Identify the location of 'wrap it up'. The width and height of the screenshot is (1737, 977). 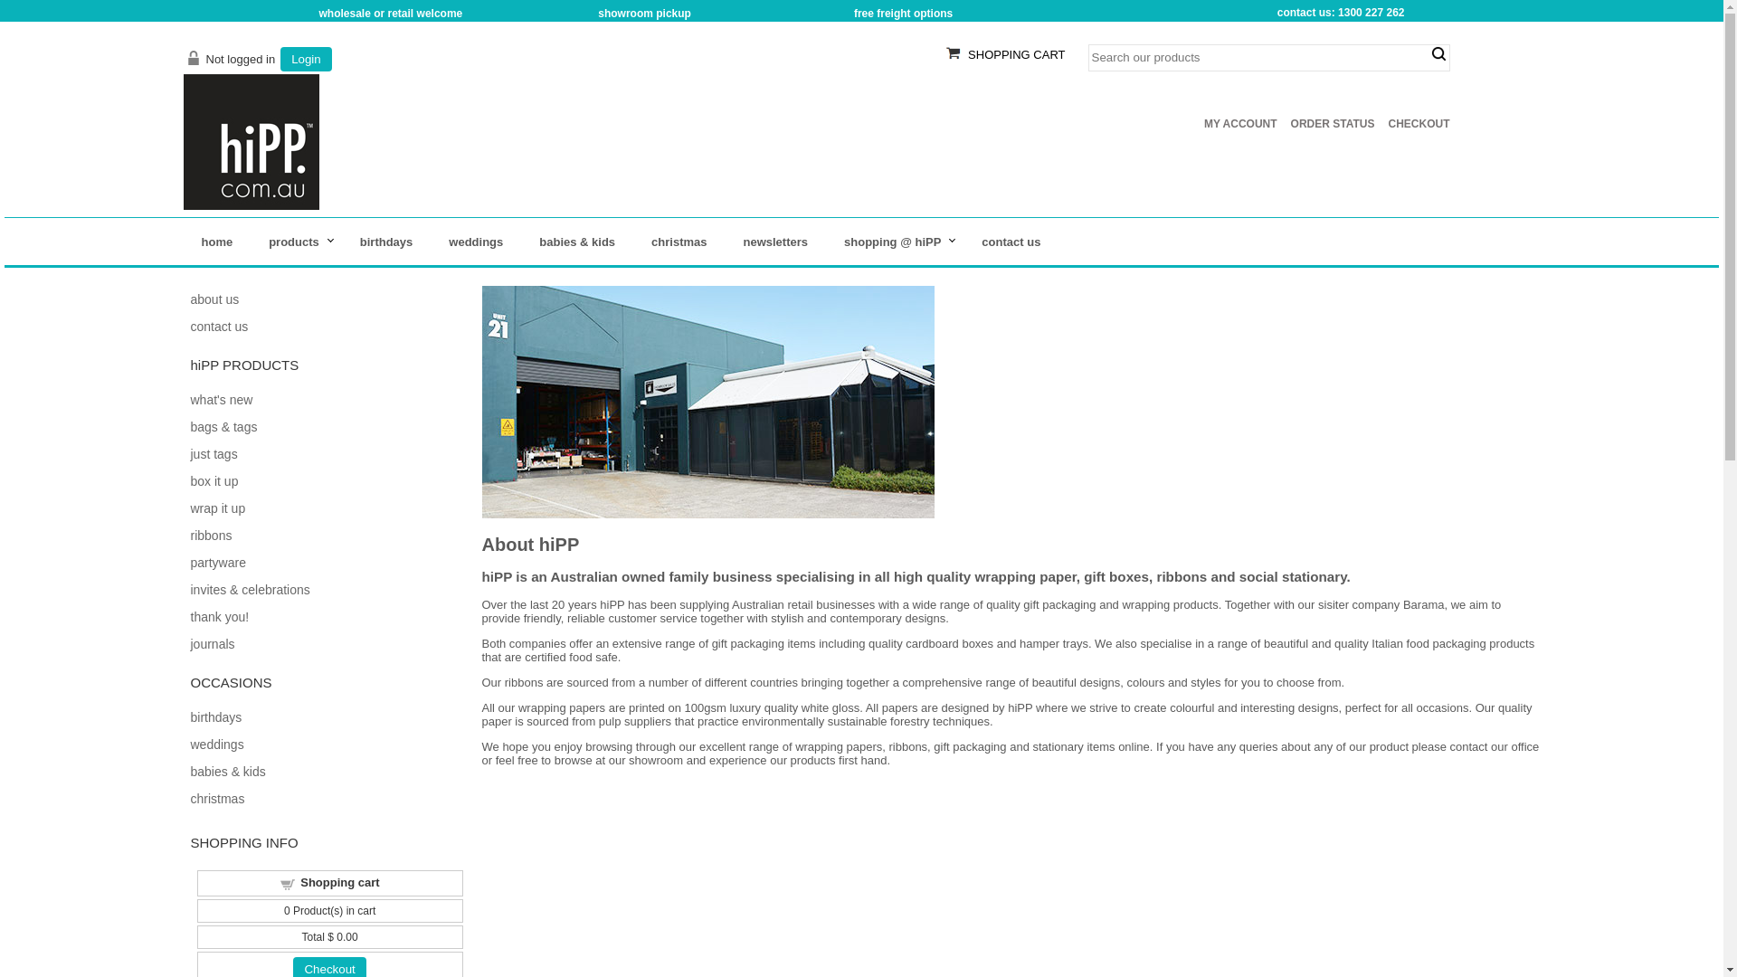
(217, 508).